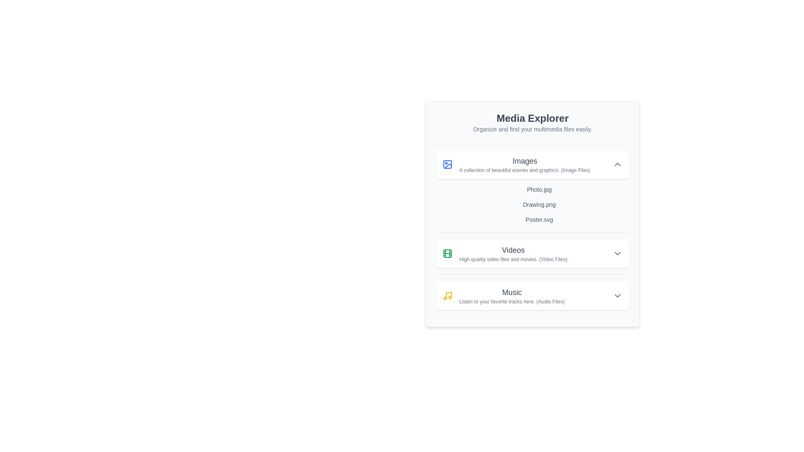 The image size is (804, 452). Describe the element at coordinates (524, 170) in the screenshot. I see `the descriptive subtitle for the 'Images' category in the Media Explorer section, located centrally below the title text 'Images'` at that location.